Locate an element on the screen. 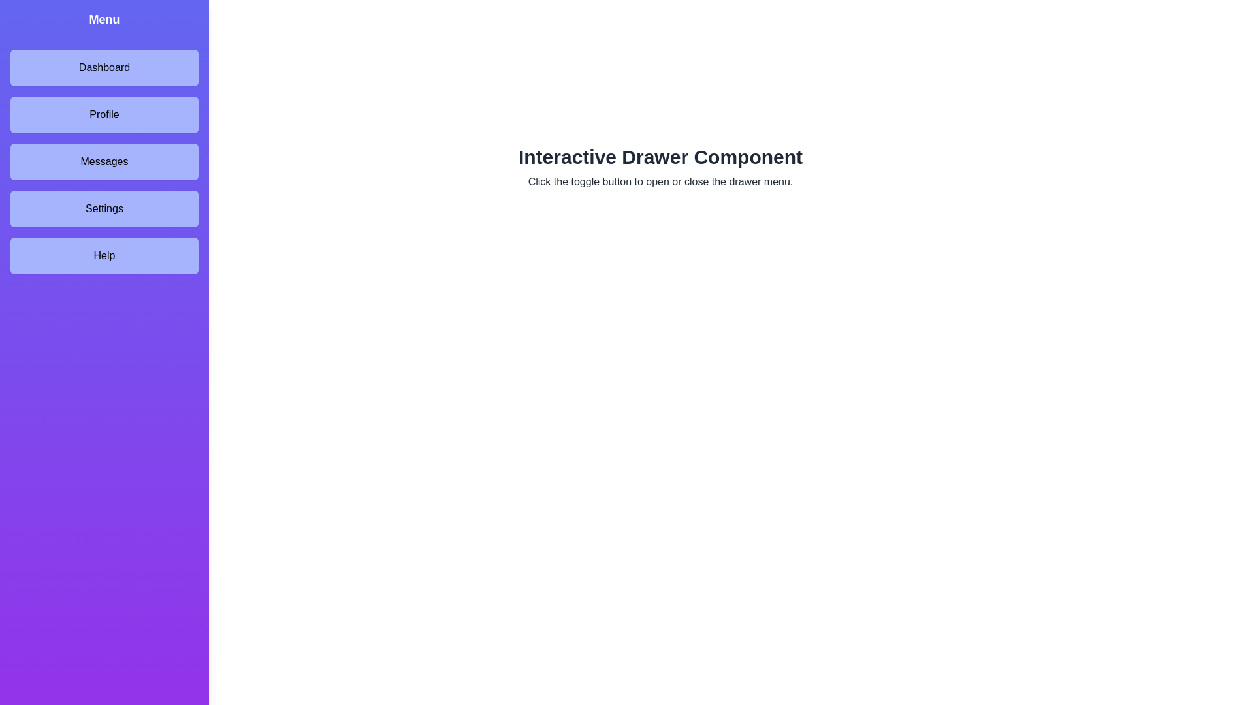 The height and width of the screenshot is (705, 1254). the menu item labeled Profile is located at coordinates (103, 114).